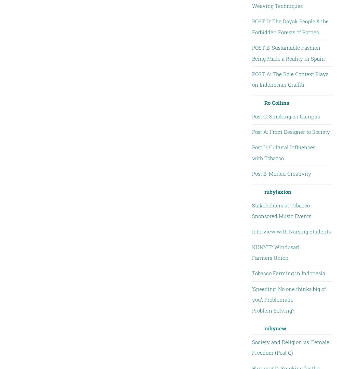  Describe the element at coordinates (289, 79) in the screenshot. I see `'POST A: The Role Context Plays on Indonesian Graffiti'` at that location.